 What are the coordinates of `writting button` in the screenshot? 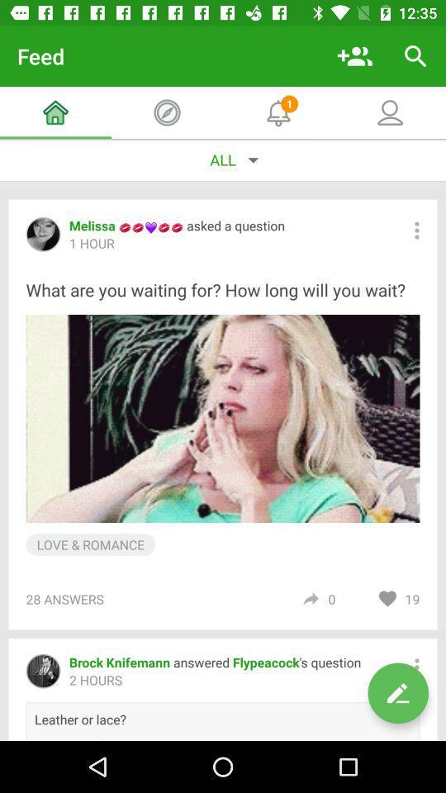 It's located at (397, 693).